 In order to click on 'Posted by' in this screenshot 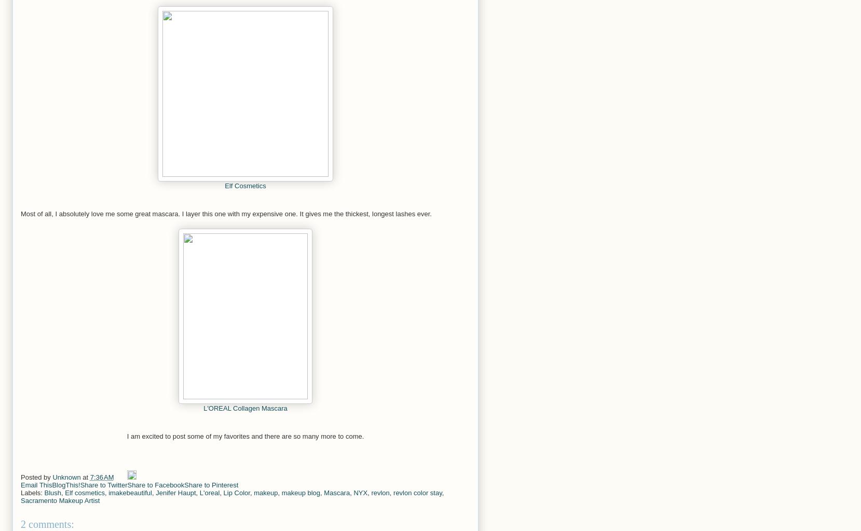, I will do `click(36, 477)`.